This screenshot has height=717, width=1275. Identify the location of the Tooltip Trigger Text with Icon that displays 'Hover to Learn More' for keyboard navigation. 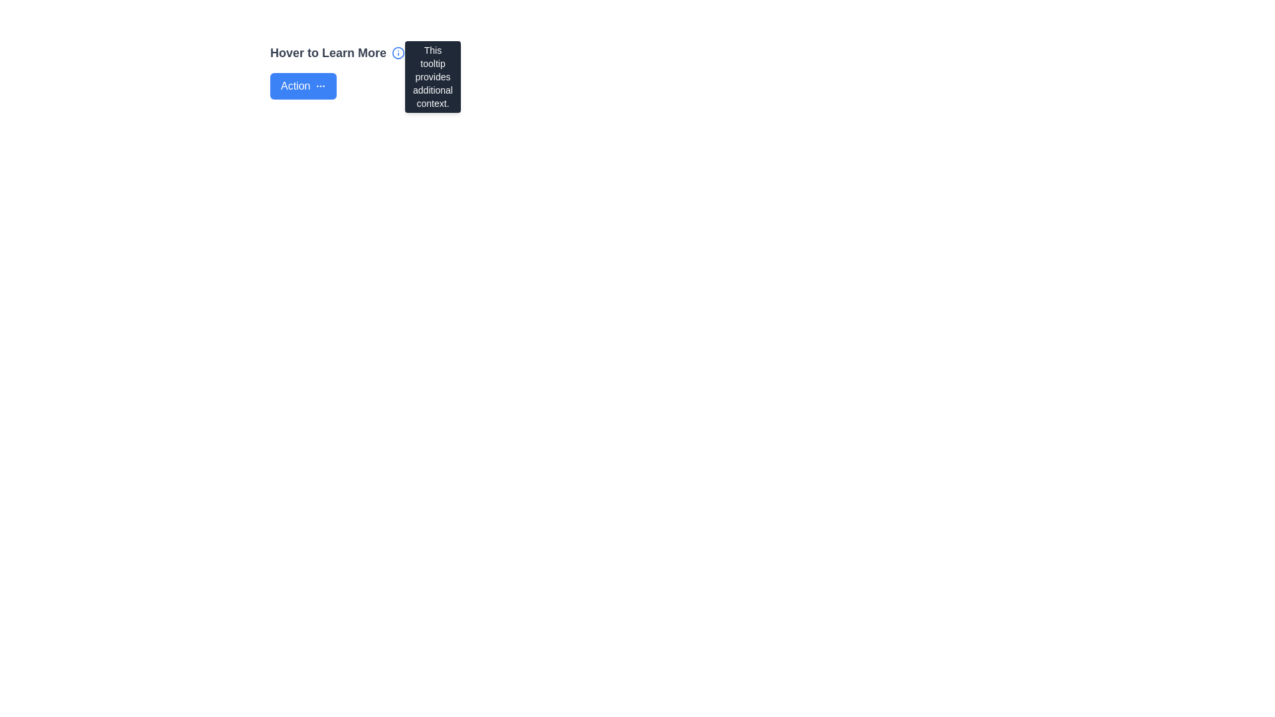
(337, 52).